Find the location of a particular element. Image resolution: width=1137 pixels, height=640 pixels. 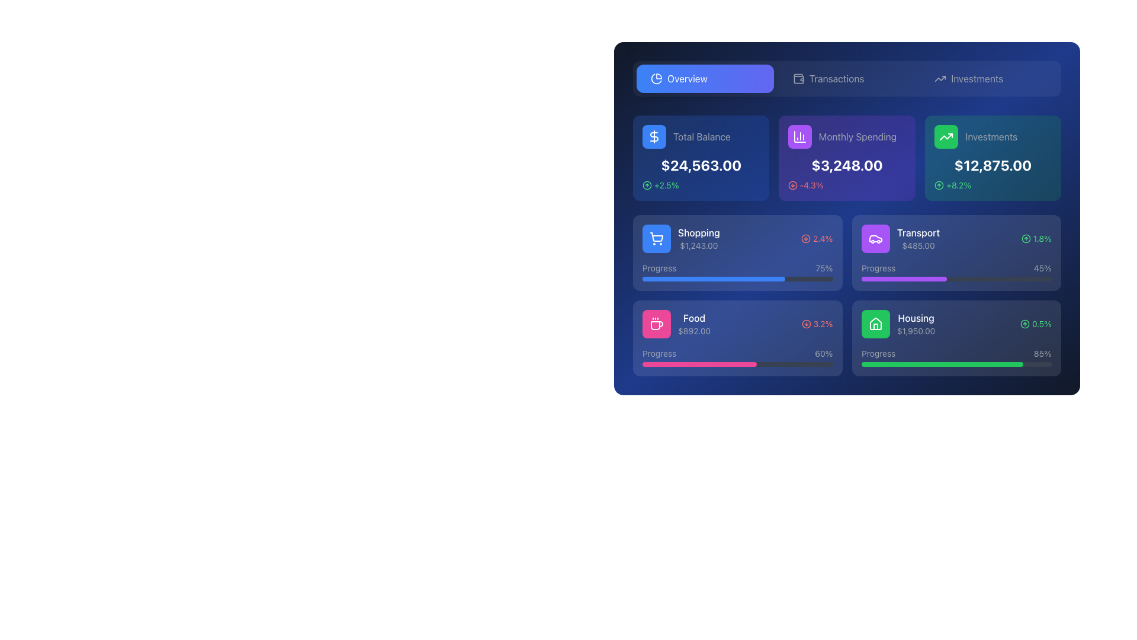

the upward arrow icon representing a positive trend, located in the lower-right corner of the 'Housing' section is located at coordinates (1024, 324).